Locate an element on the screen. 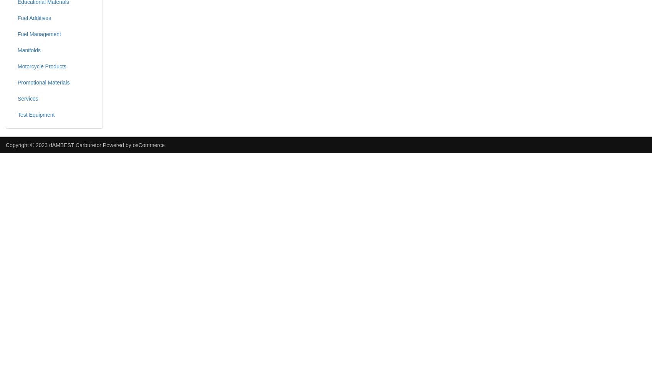  'Fuel Additives' is located at coordinates (34, 18).